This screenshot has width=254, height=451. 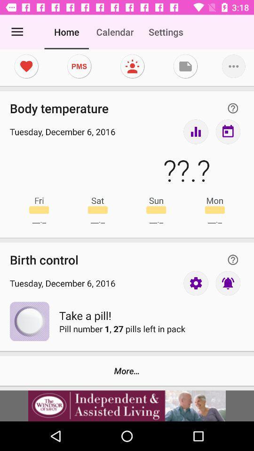 I want to click on question mark, so click(x=232, y=108).